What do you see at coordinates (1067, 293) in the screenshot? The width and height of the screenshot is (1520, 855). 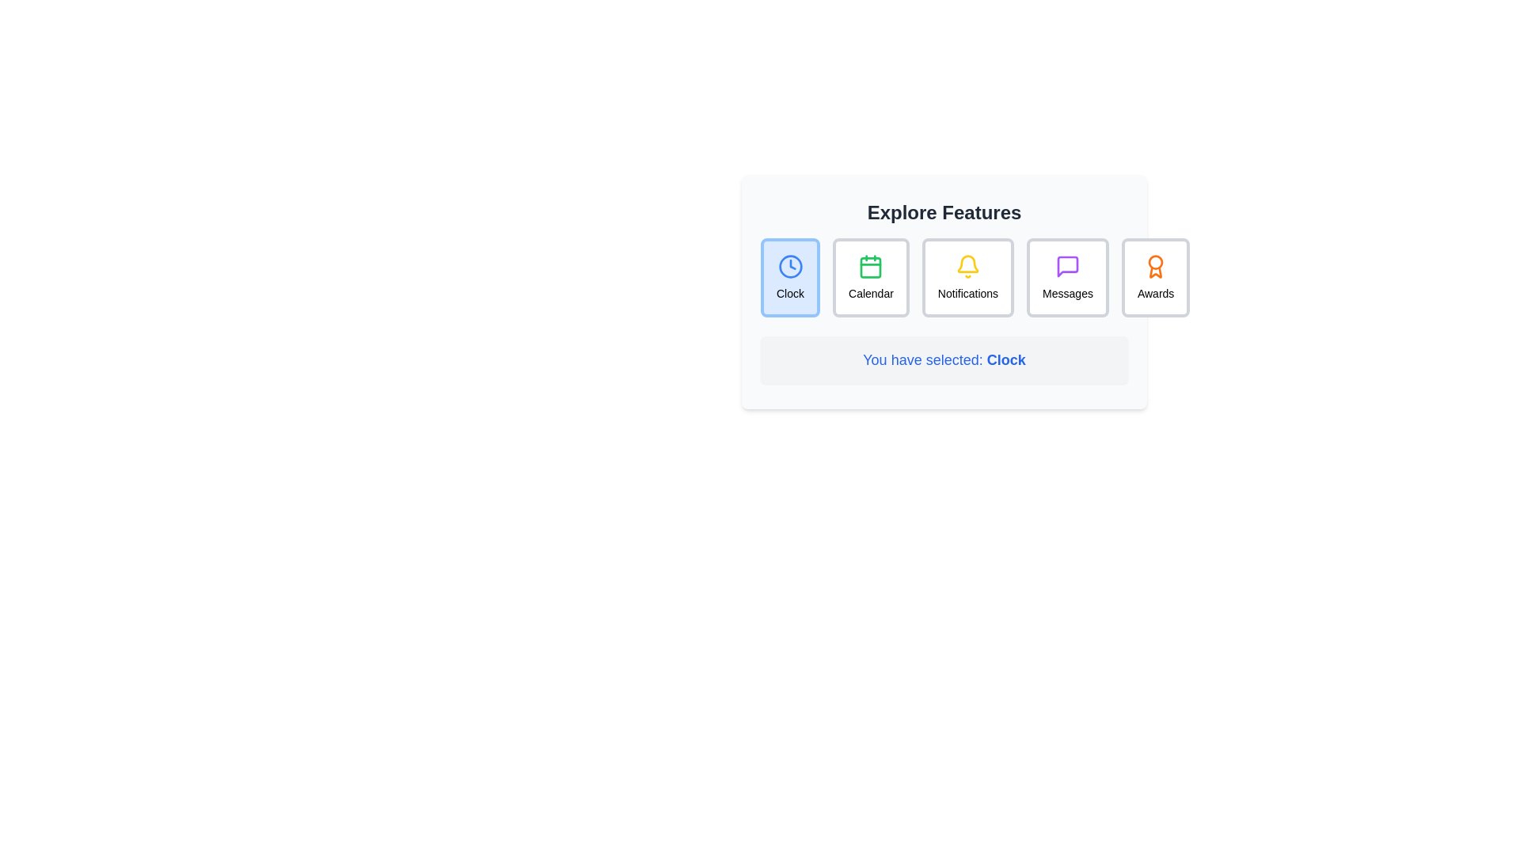 I see `the 'Messages' text label that provides clarity about the messaging icon situated directly above it in the interface` at bounding box center [1067, 293].